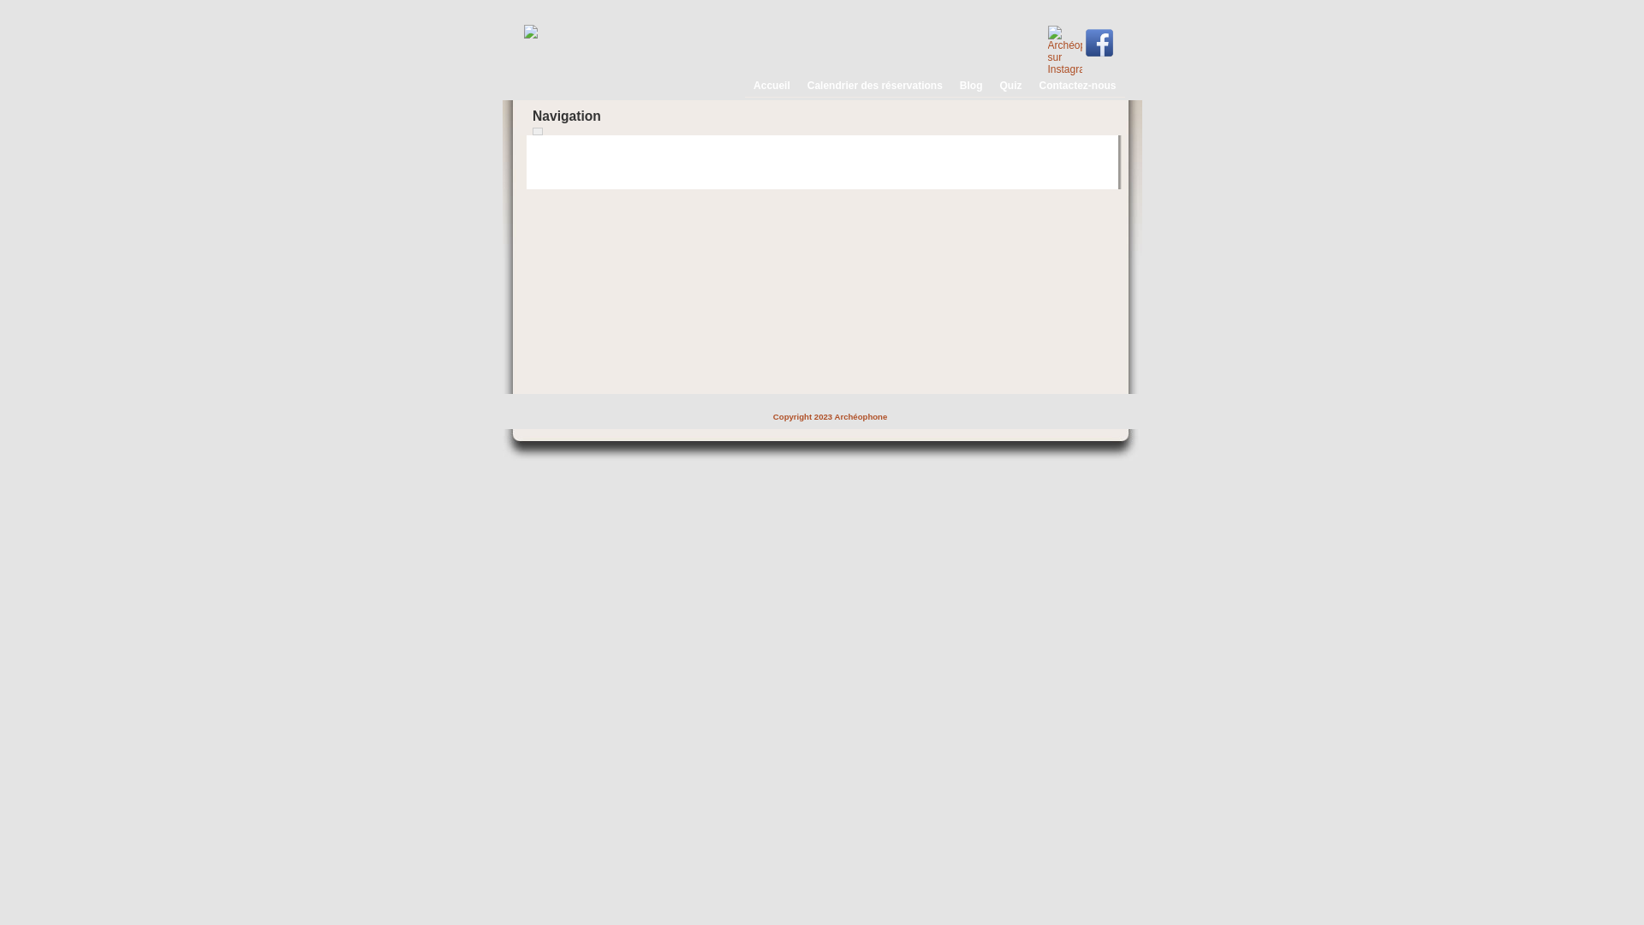 The width and height of the screenshot is (1644, 925). I want to click on 'Blog', so click(969, 82).